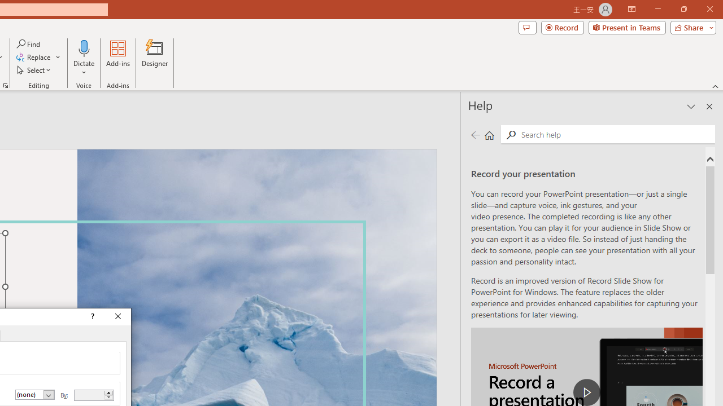  Describe the element at coordinates (89, 394) in the screenshot. I see `'By'` at that location.